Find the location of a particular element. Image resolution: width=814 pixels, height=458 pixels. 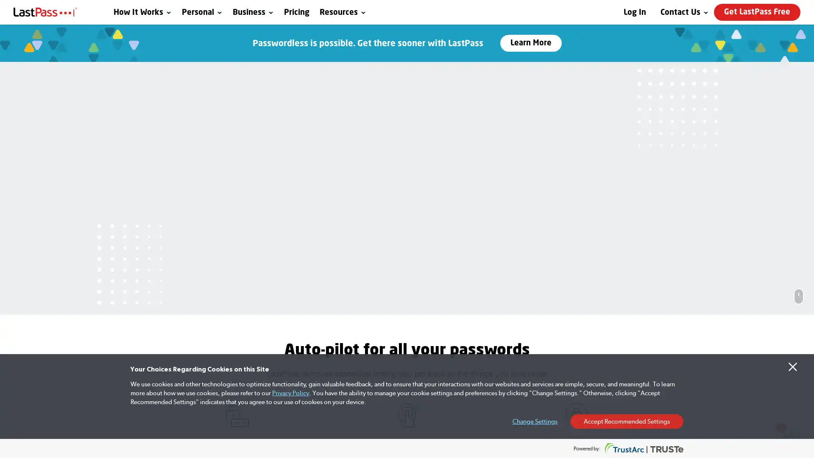

close is located at coordinates (657, 294).